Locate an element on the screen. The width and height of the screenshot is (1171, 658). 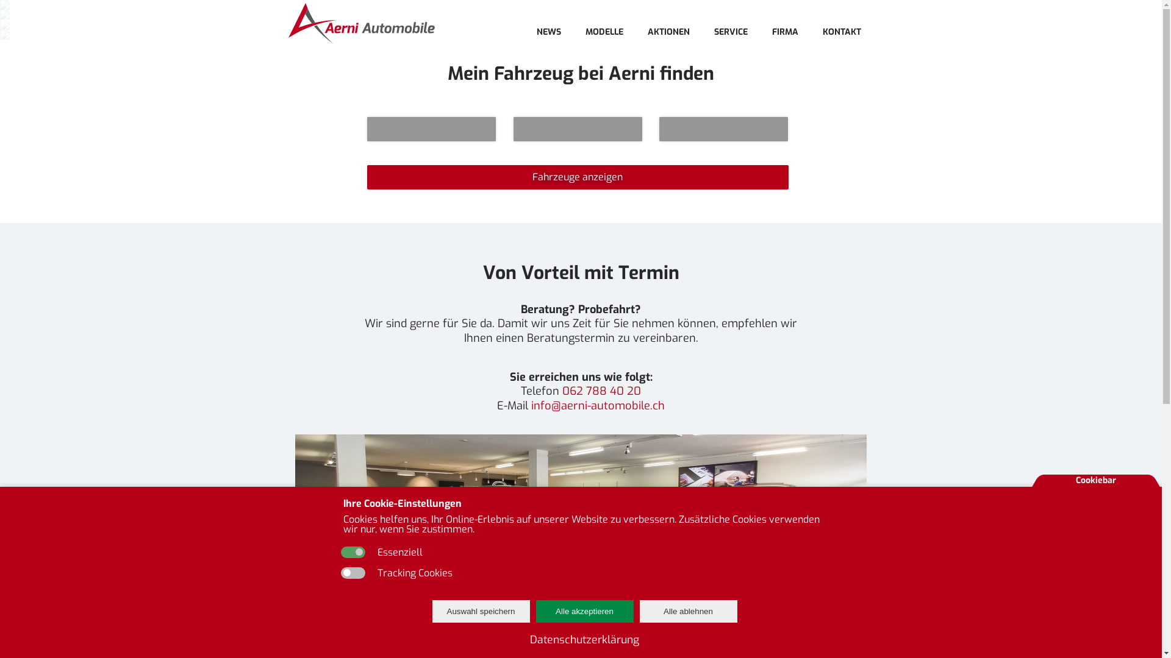
'info@aerni-automobile.ch' is located at coordinates (598, 406).